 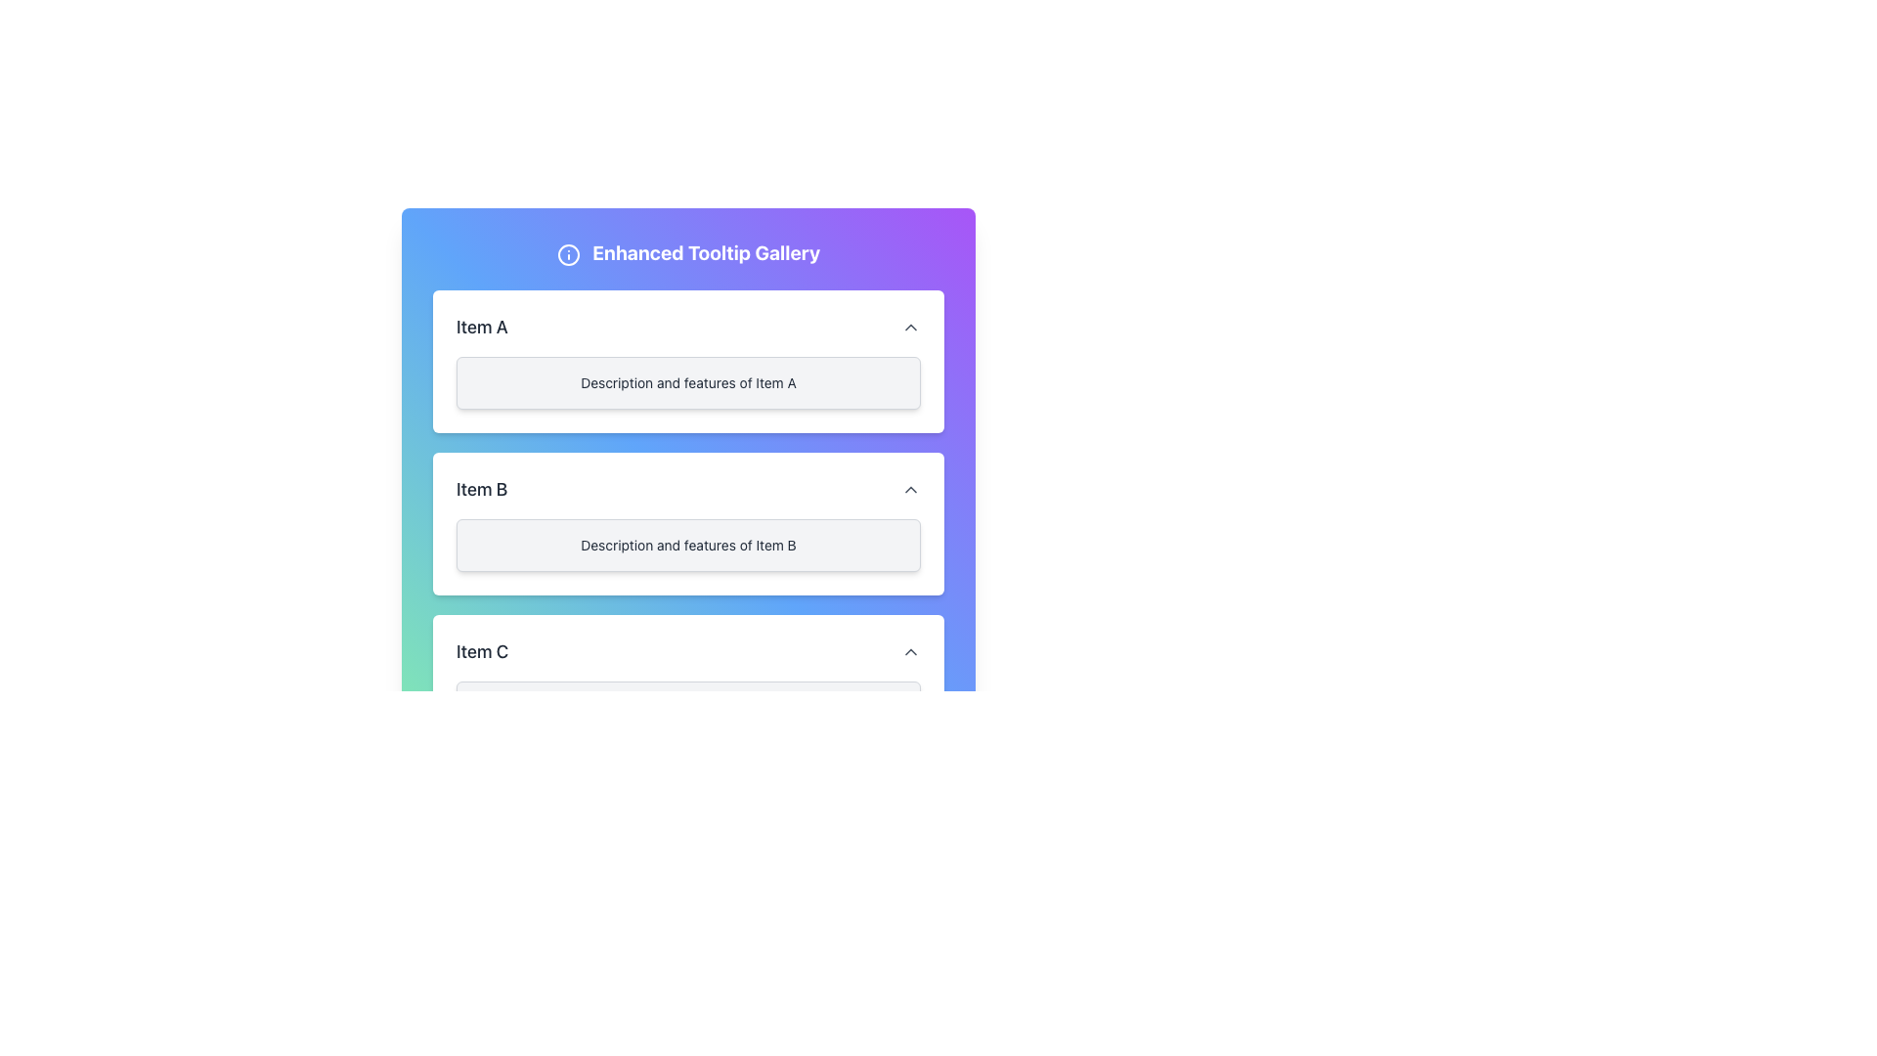 What do you see at coordinates (688, 523) in the screenshot?
I see `the Informational Panel that provides details about 'Item B' in the 'Enhanced Tooltip Gallery'` at bounding box center [688, 523].